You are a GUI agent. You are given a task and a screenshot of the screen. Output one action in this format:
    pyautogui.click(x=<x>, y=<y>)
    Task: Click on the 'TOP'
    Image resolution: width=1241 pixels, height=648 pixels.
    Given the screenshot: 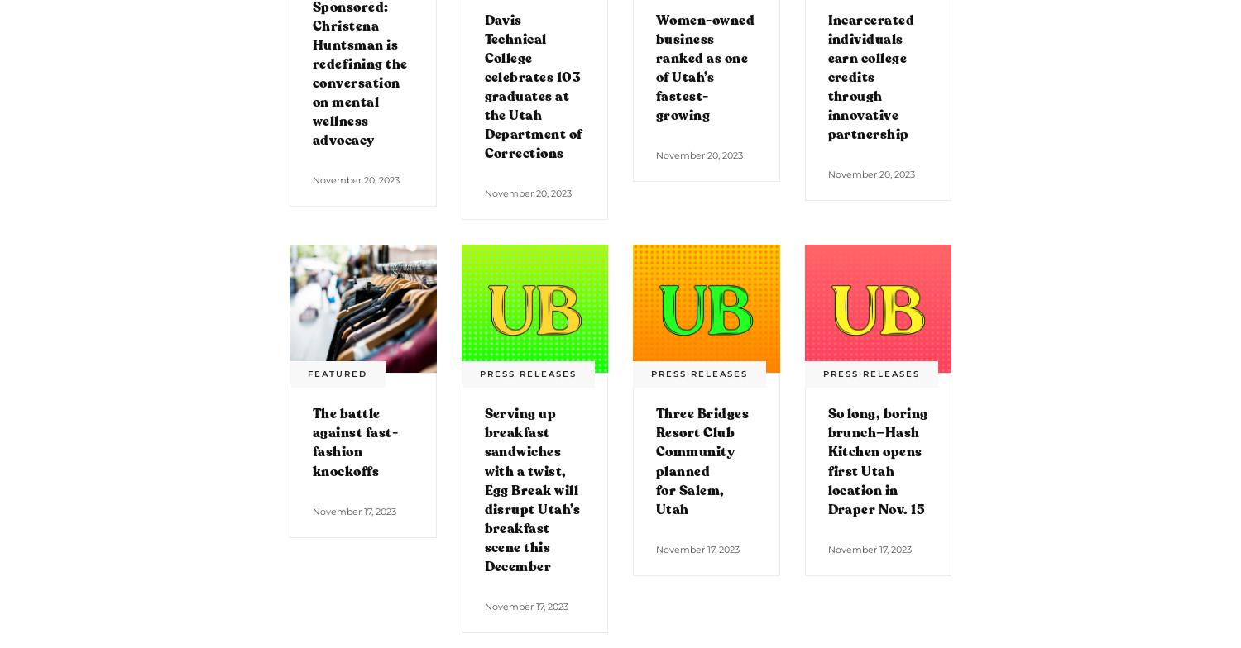 What is the action you would take?
    pyautogui.click(x=1210, y=113)
    